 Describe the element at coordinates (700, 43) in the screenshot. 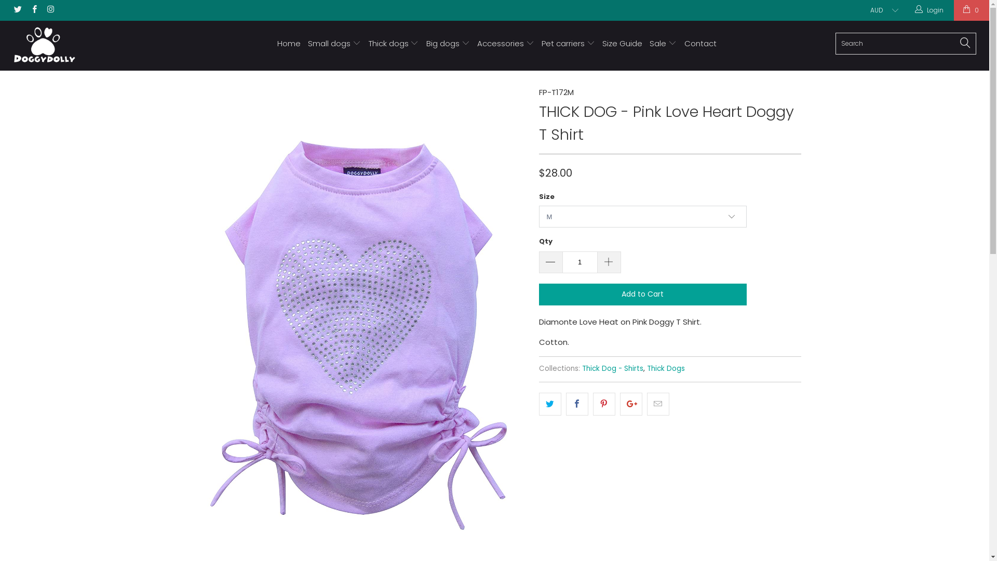

I see `'Contact'` at that location.